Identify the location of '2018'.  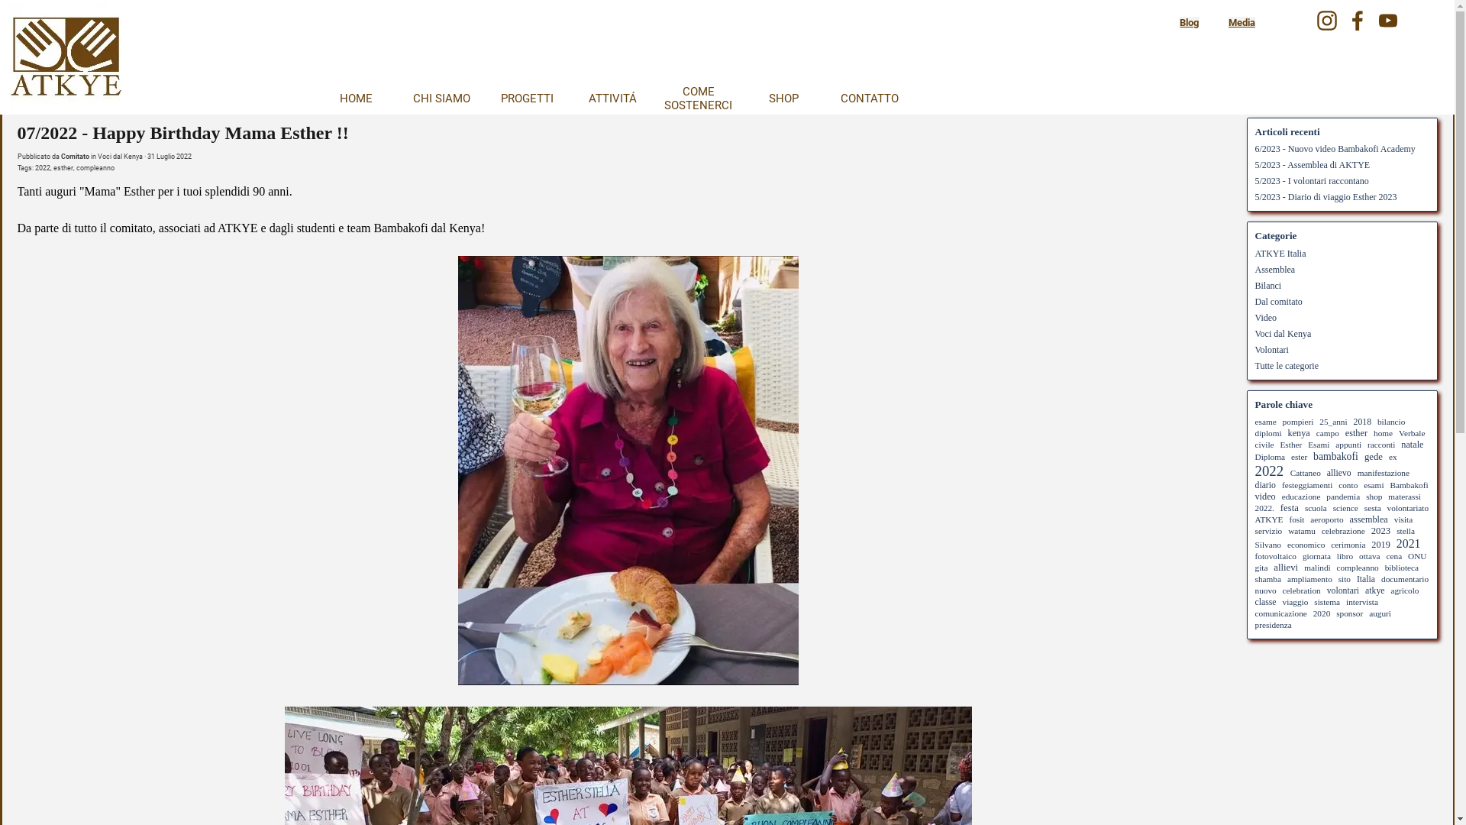
(1362, 422).